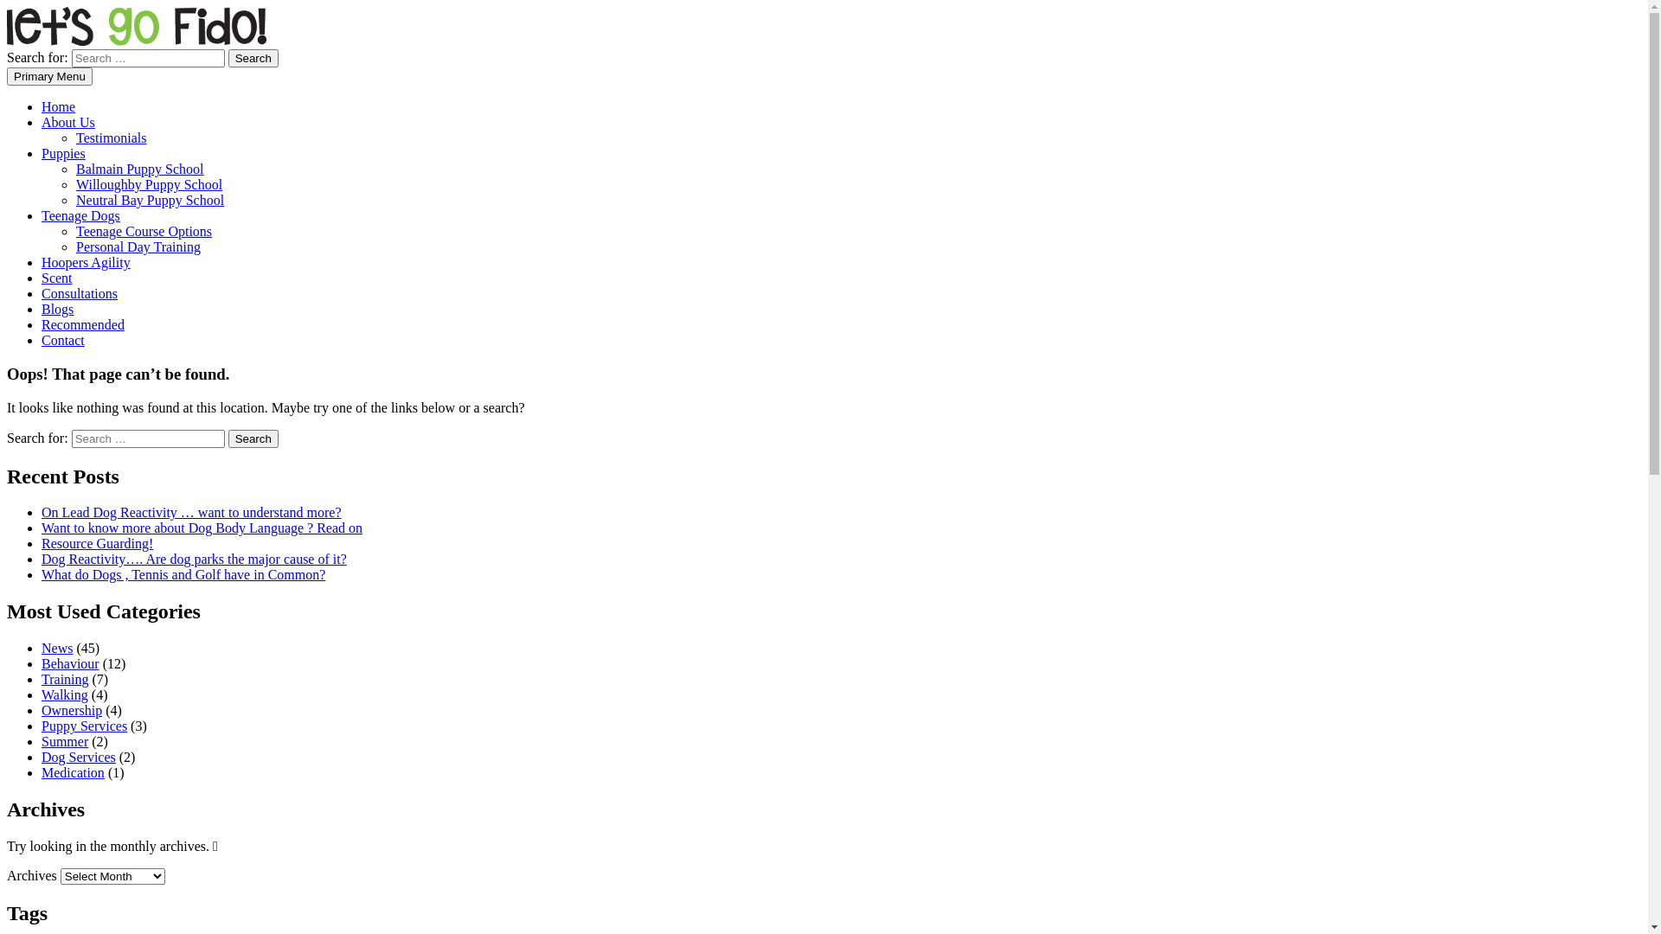 This screenshot has width=1661, height=934. I want to click on 'Behaviour', so click(69, 662).